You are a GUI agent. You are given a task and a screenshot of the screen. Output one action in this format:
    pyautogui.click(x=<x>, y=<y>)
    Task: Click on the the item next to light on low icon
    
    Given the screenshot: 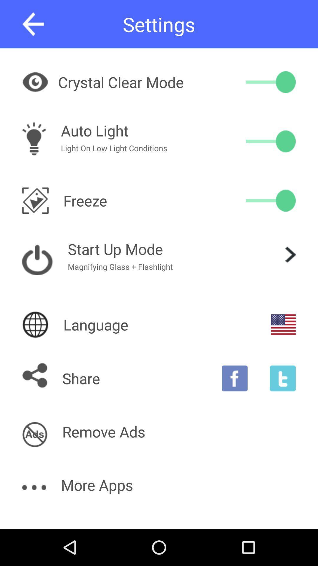 What is the action you would take?
    pyautogui.click(x=271, y=141)
    